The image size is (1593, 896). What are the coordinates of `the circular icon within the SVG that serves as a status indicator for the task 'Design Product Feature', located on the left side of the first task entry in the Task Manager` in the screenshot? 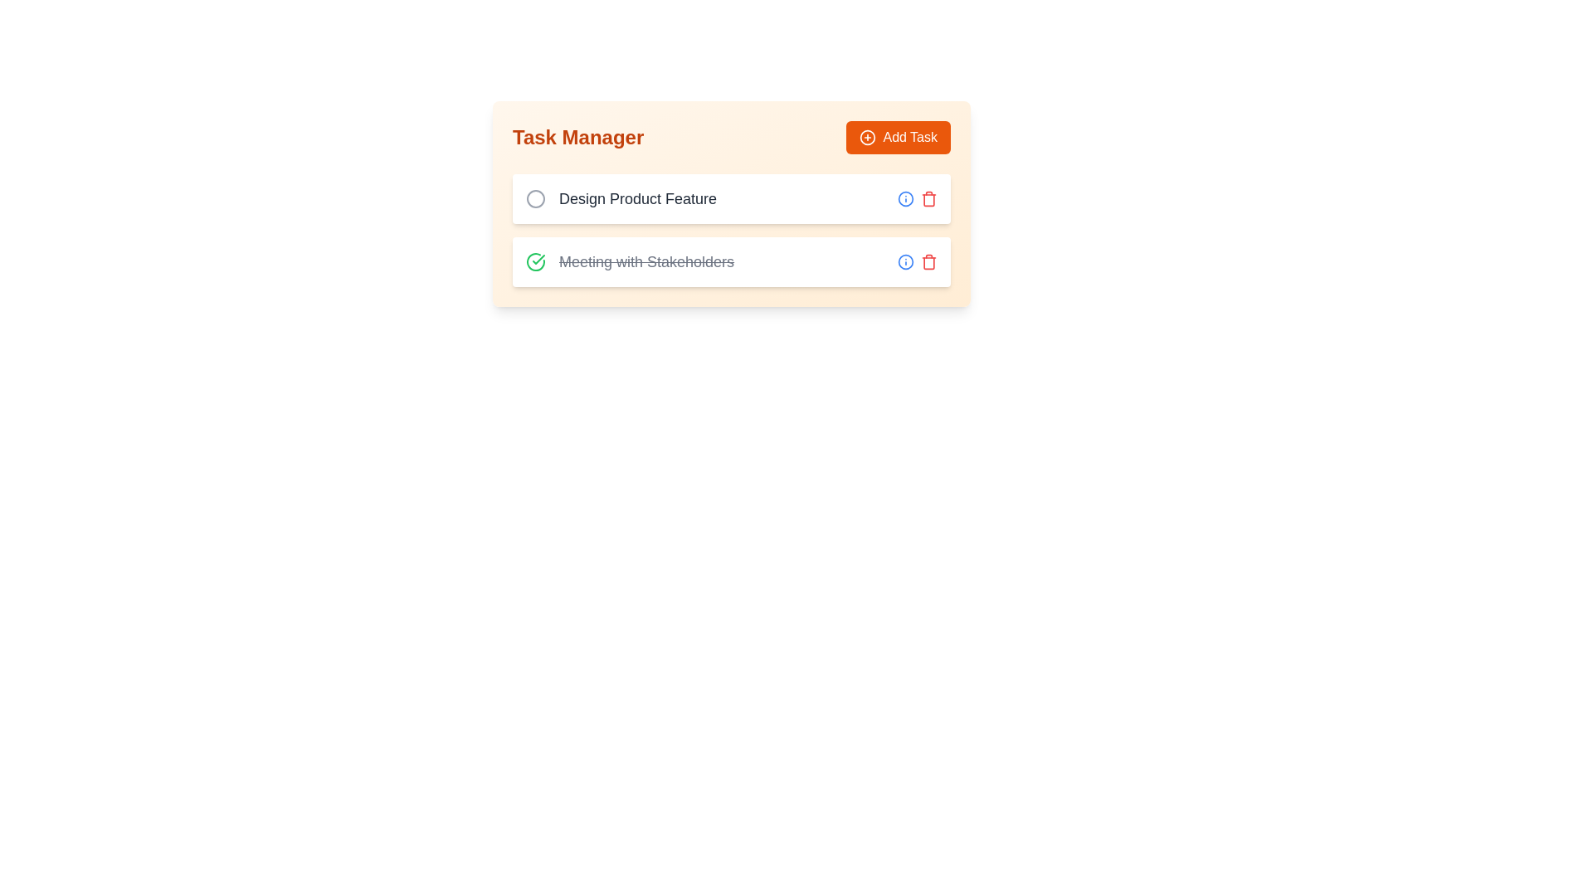 It's located at (536, 197).